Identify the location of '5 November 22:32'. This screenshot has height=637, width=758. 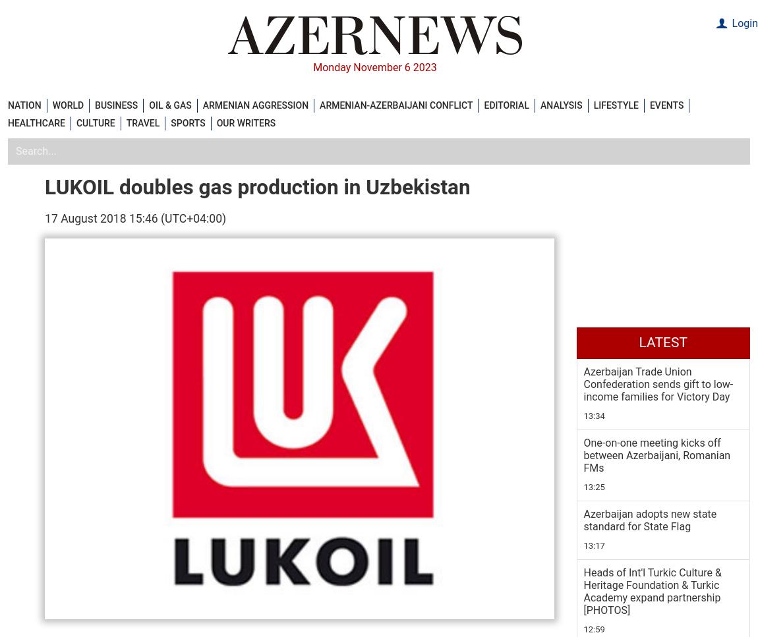
(583, 364).